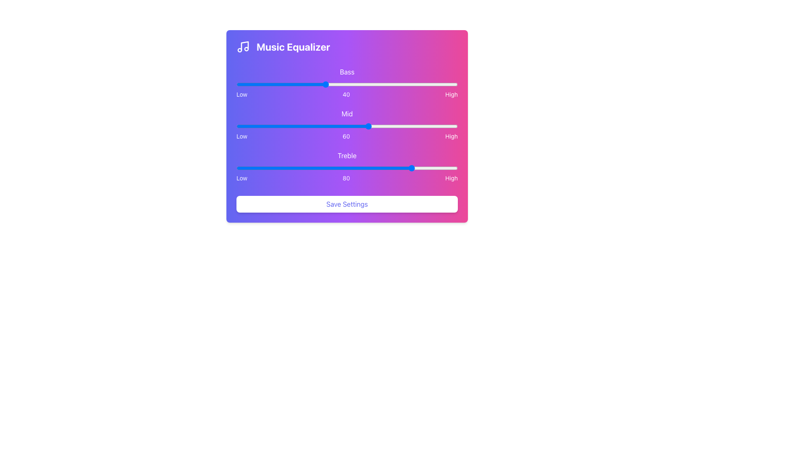 The image size is (805, 452). I want to click on mid-range frequency, so click(265, 126).